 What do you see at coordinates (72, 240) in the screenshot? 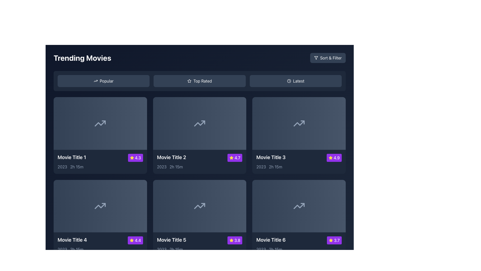
I see `the static text label displaying the movie title located in the bottom-left section of the fourth card in the movie grid` at bounding box center [72, 240].